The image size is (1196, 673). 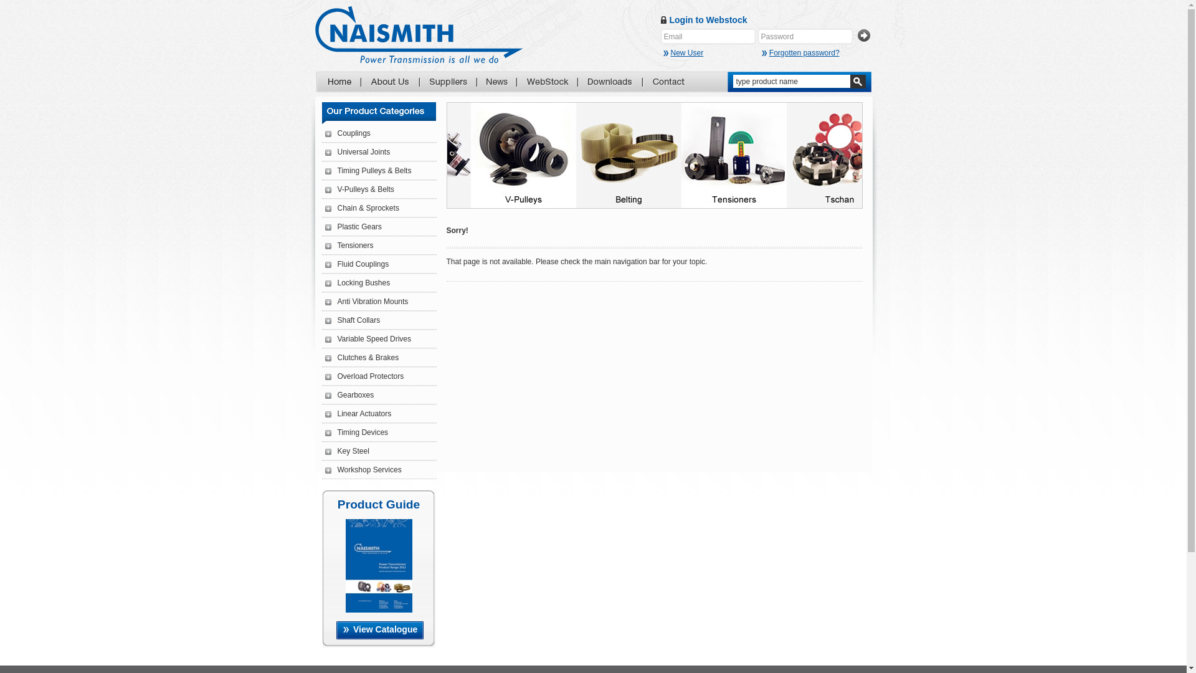 What do you see at coordinates (364, 376) in the screenshot?
I see `'Overload Protectors'` at bounding box center [364, 376].